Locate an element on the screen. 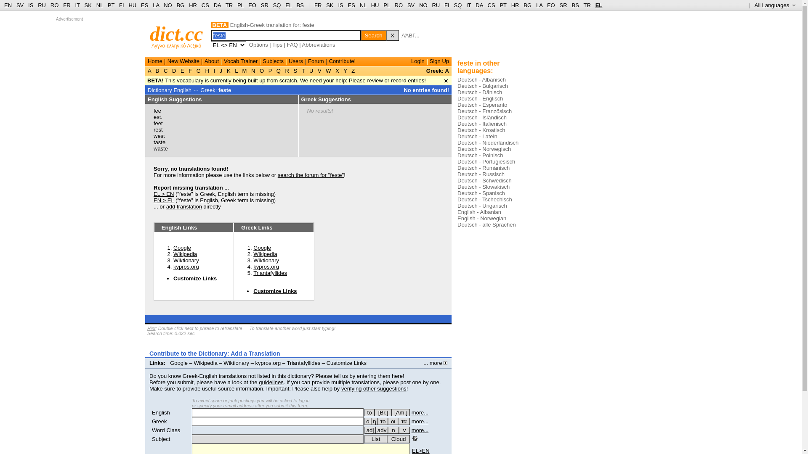  'T' is located at coordinates (303, 70).